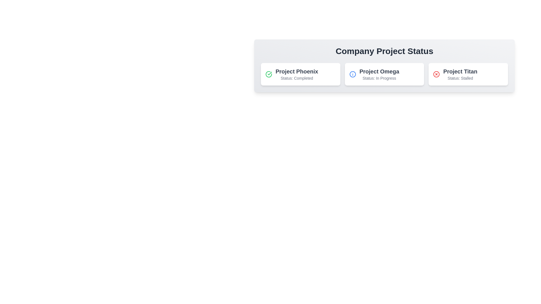 This screenshot has width=541, height=304. I want to click on the project item Project Titan to view its interactive effect, so click(468, 74).